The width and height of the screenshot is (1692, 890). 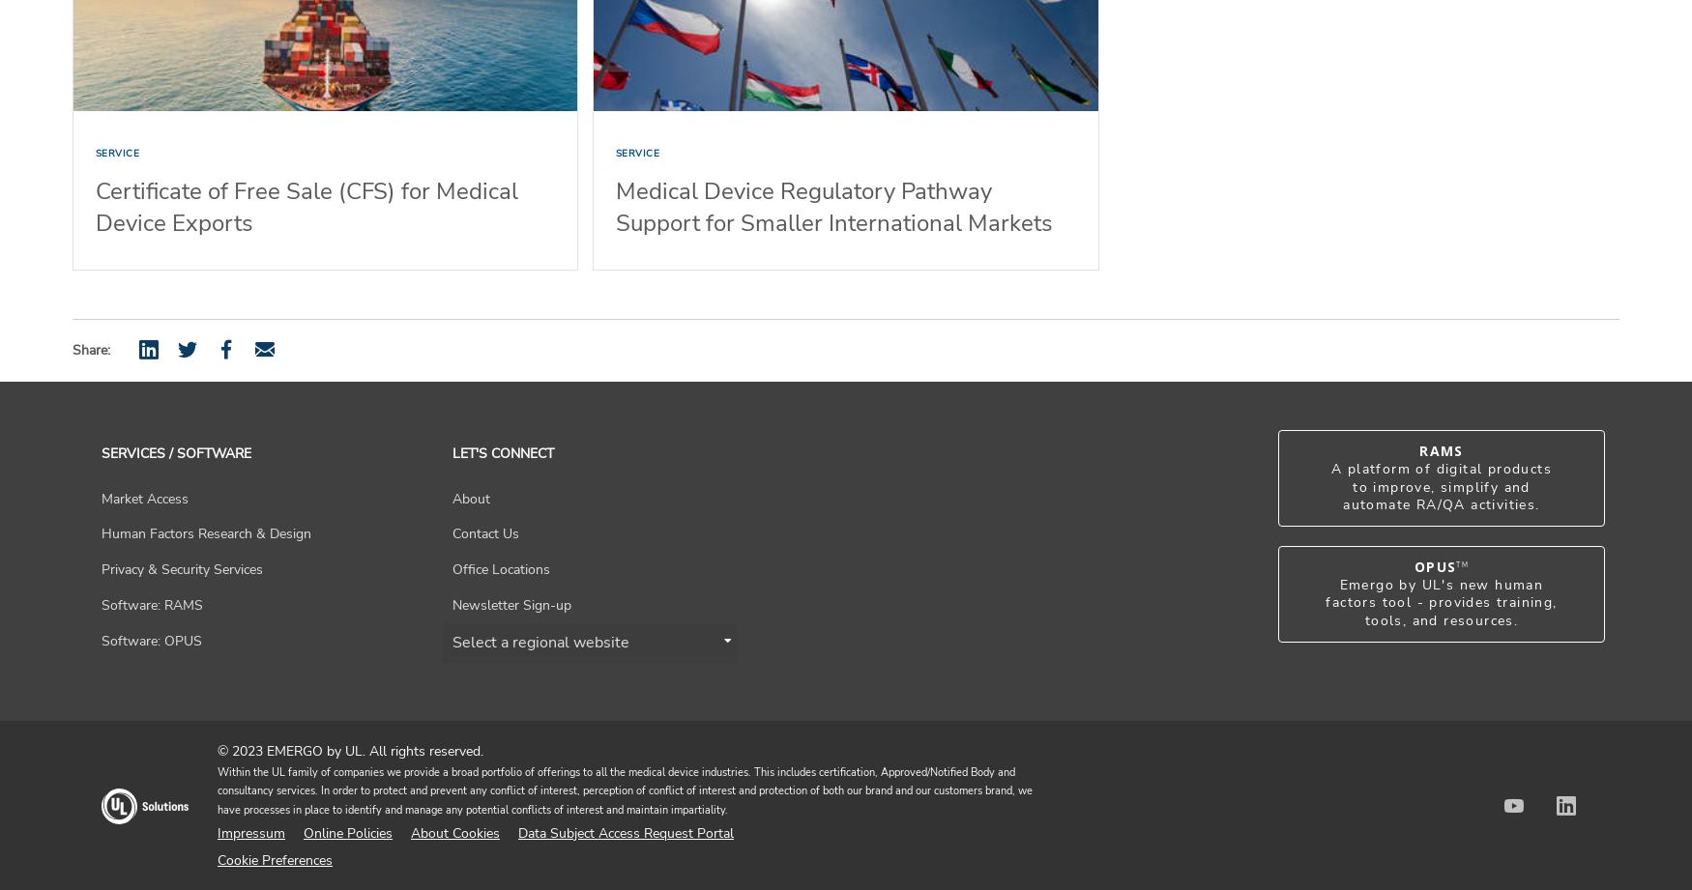 What do you see at coordinates (833, 206) in the screenshot?
I see `'Medical Device Regulatory Pathway Support for Smaller International Markets'` at bounding box center [833, 206].